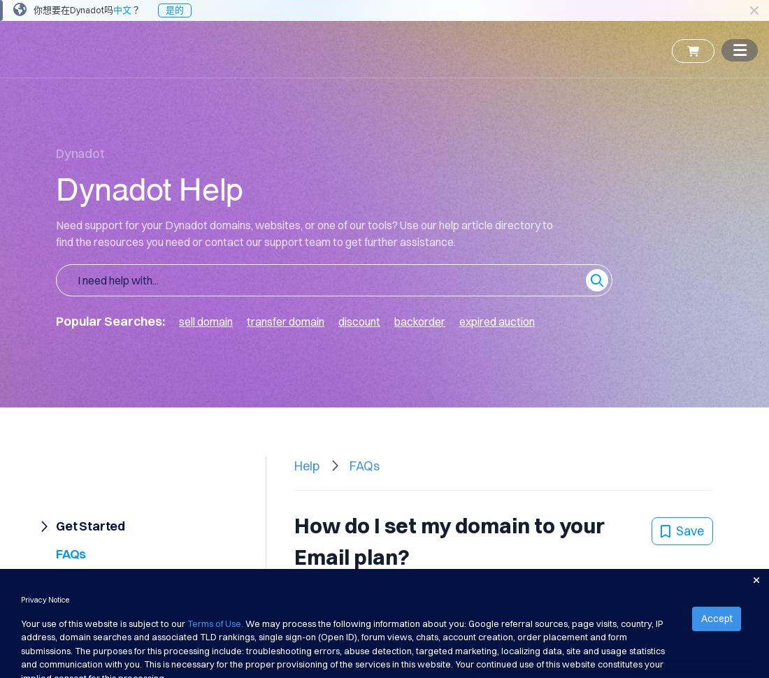 The image size is (769, 678). Describe the element at coordinates (689, 530) in the screenshot. I see `'Save'` at that location.